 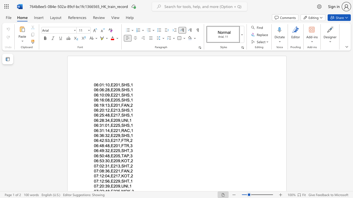 I want to click on the space between the continuous character "1" and "3" in the text, so click(x=117, y=110).